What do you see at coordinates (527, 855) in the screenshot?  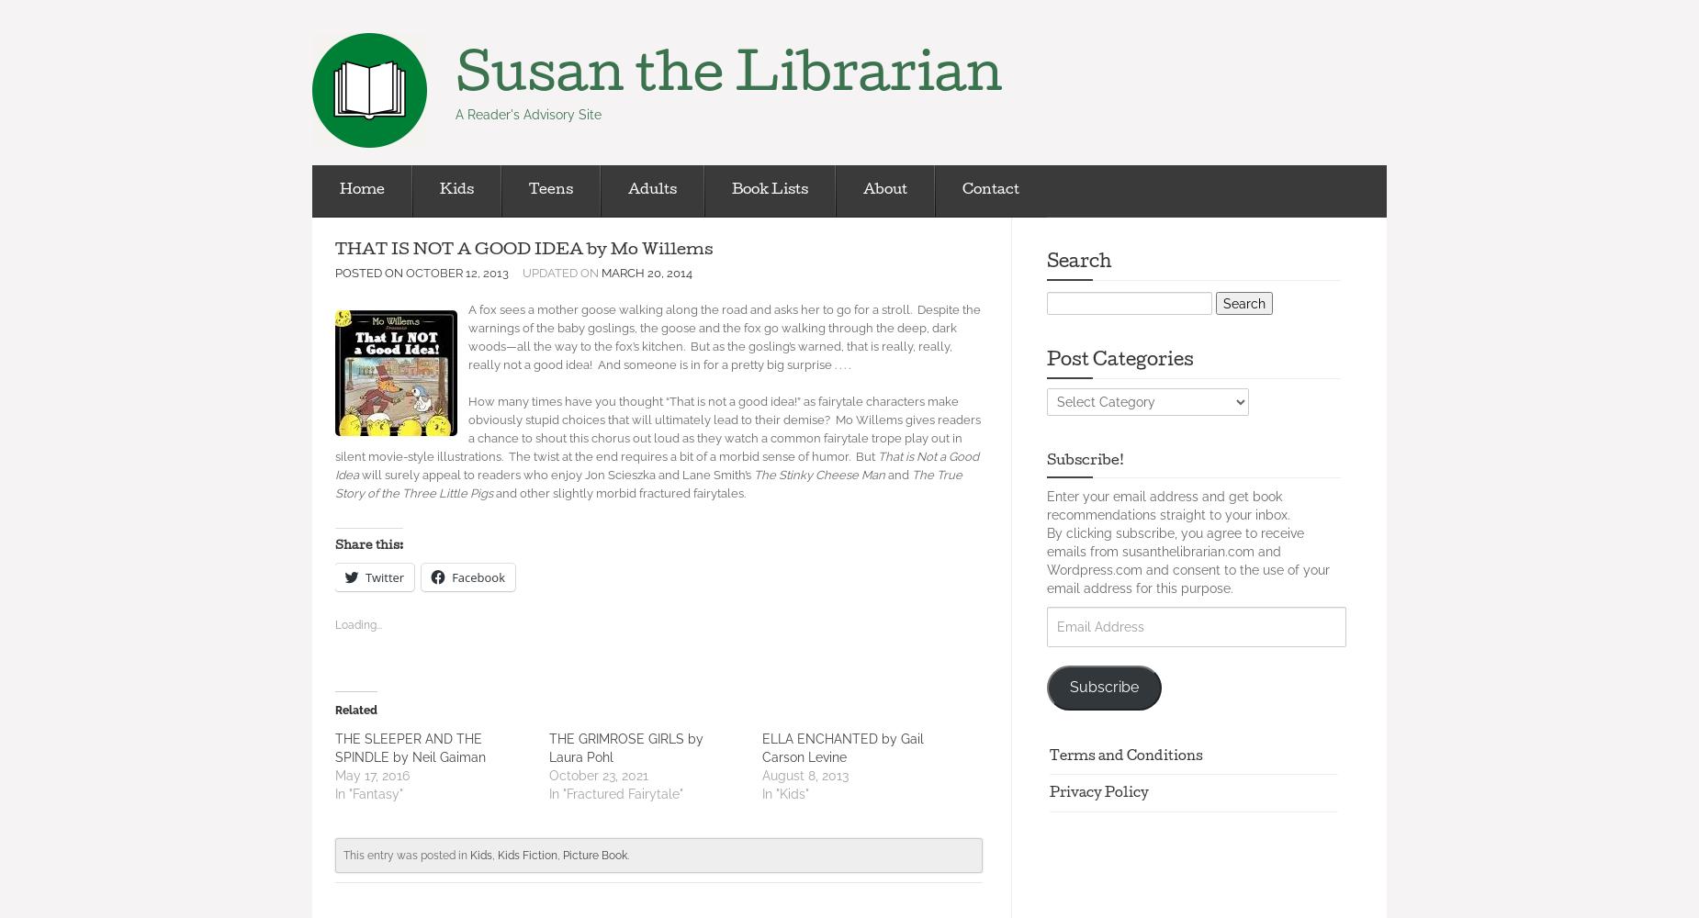 I see `'Kids Fiction'` at bounding box center [527, 855].